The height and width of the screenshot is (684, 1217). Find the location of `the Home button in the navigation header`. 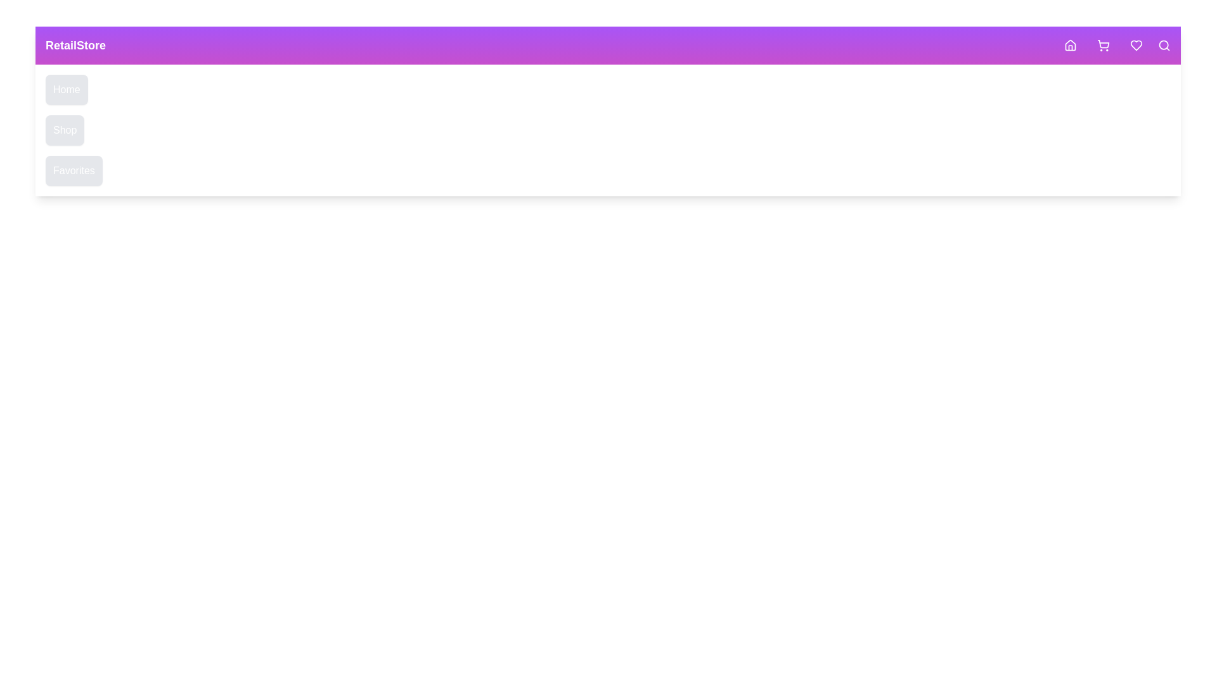

the Home button in the navigation header is located at coordinates (1070, 45).